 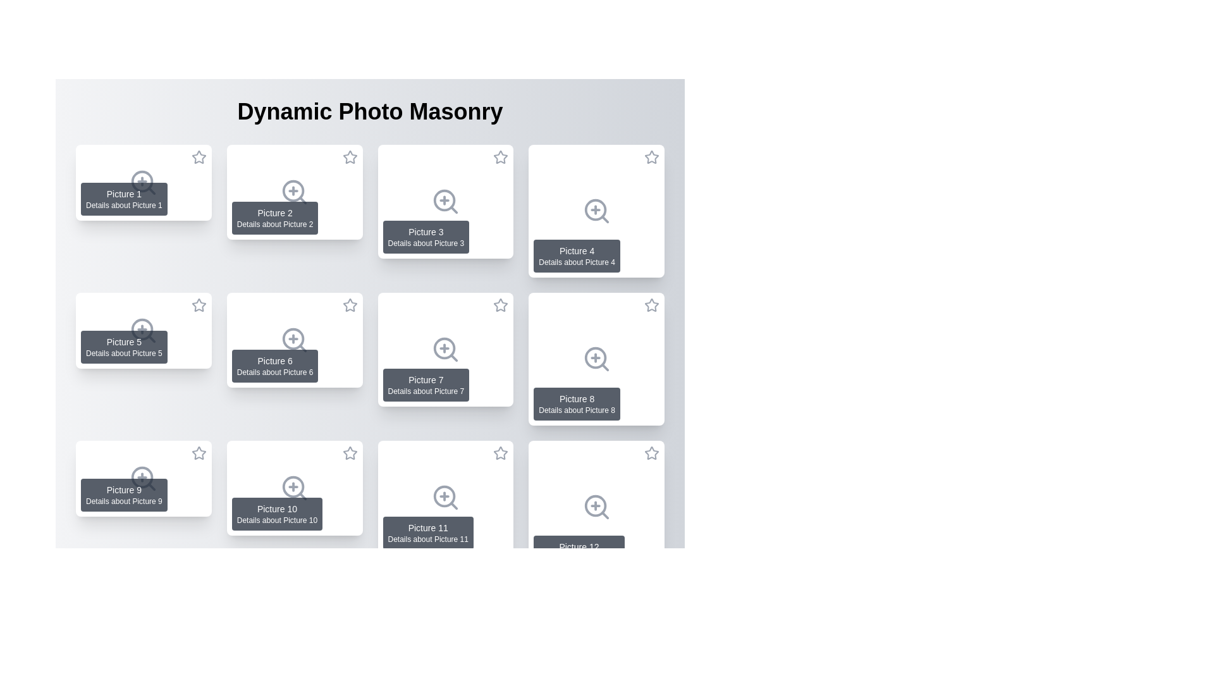 I want to click on the circular plus symbol within the magnifying glass icon, which is positioned over 'Picture 8' in the grid layout, so click(x=594, y=358).